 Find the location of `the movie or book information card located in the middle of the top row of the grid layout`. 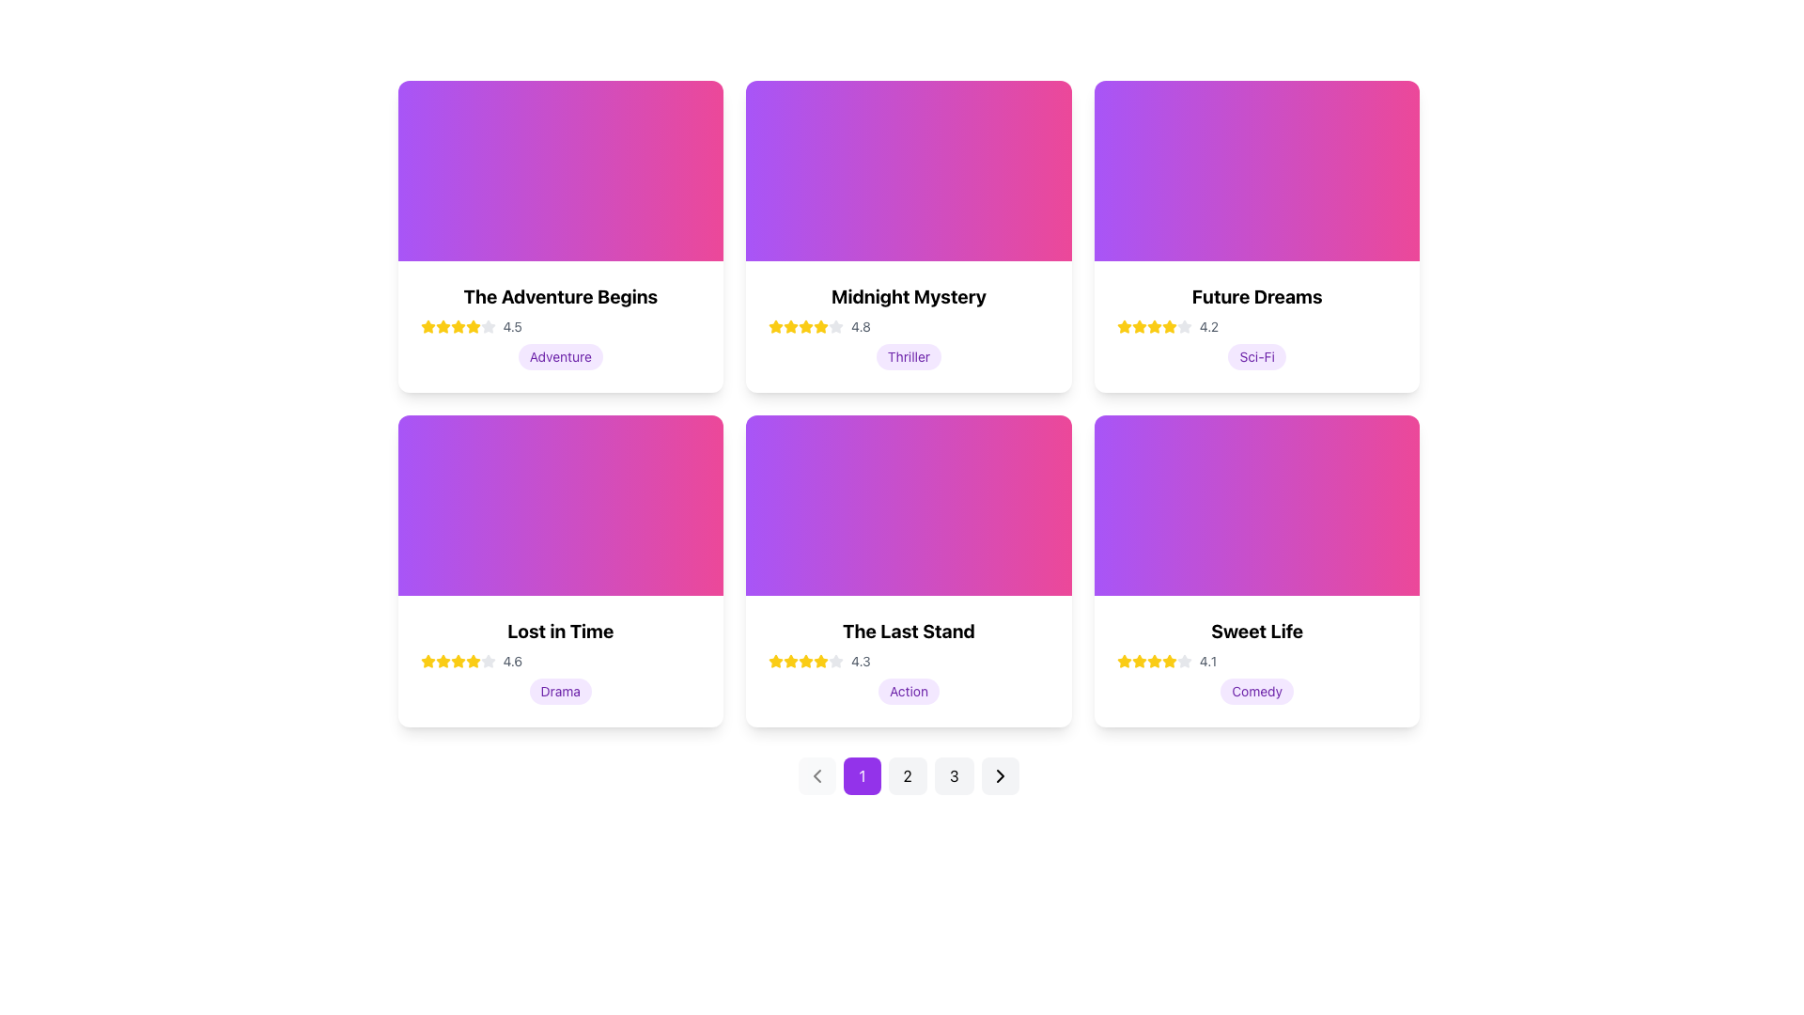

the movie or book information card located in the middle of the top row of the grid layout is located at coordinates (909, 235).